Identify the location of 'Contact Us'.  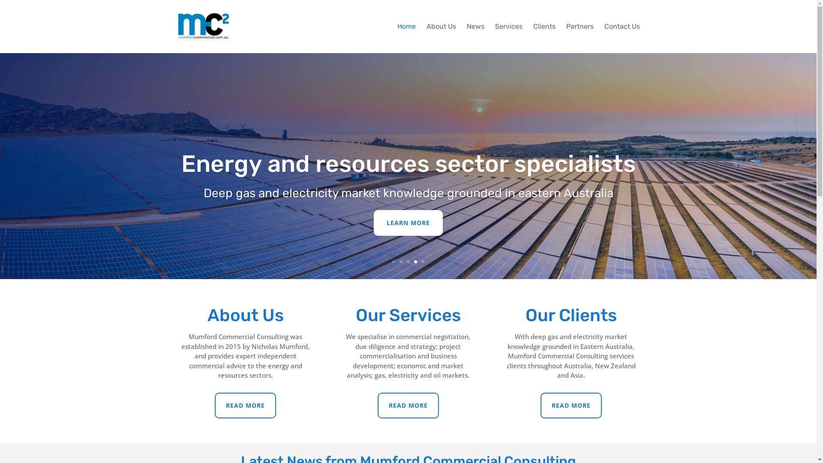
(622, 38).